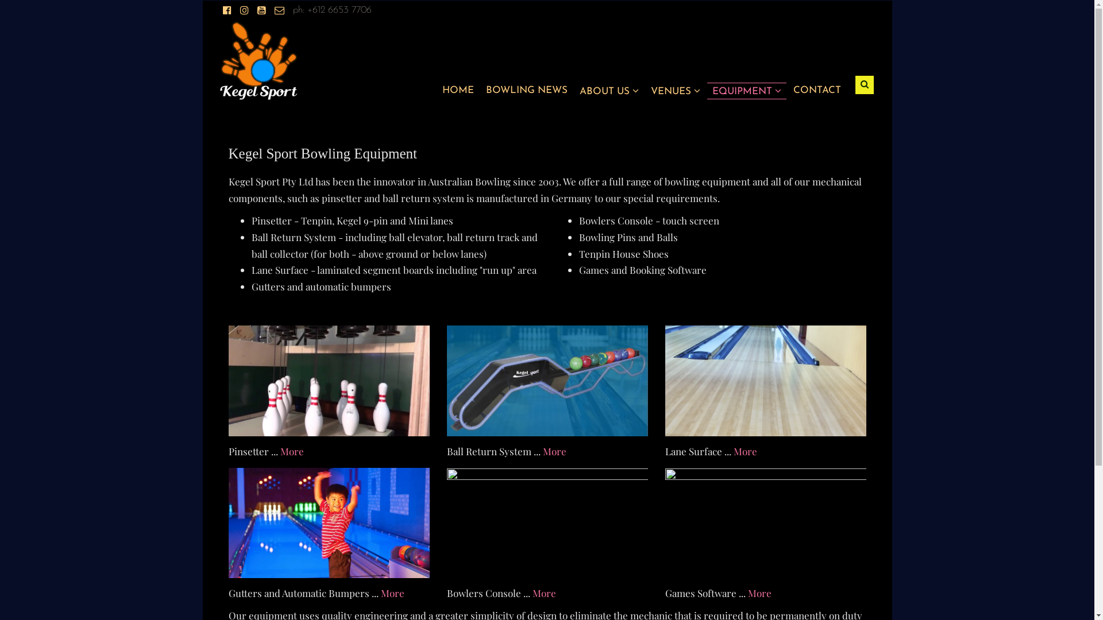 This screenshot has height=620, width=1103. Describe the element at coordinates (554, 451) in the screenshot. I see `'More'` at that location.